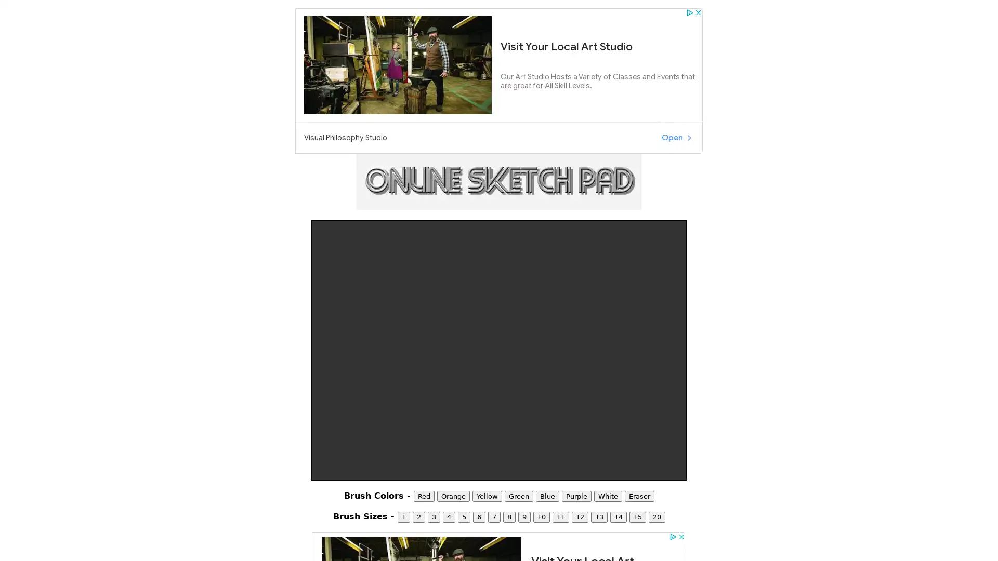 The width and height of the screenshot is (998, 561). What do you see at coordinates (463, 517) in the screenshot?
I see `5` at bounding box center [463, 517].